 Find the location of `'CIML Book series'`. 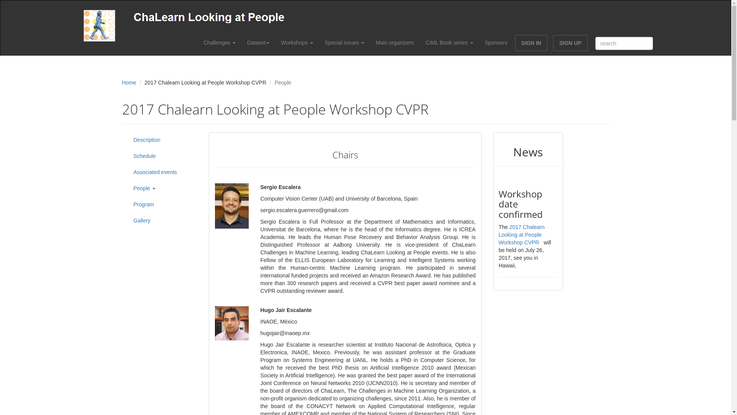

'CIML Book series' is located at coordinates (420, 43).